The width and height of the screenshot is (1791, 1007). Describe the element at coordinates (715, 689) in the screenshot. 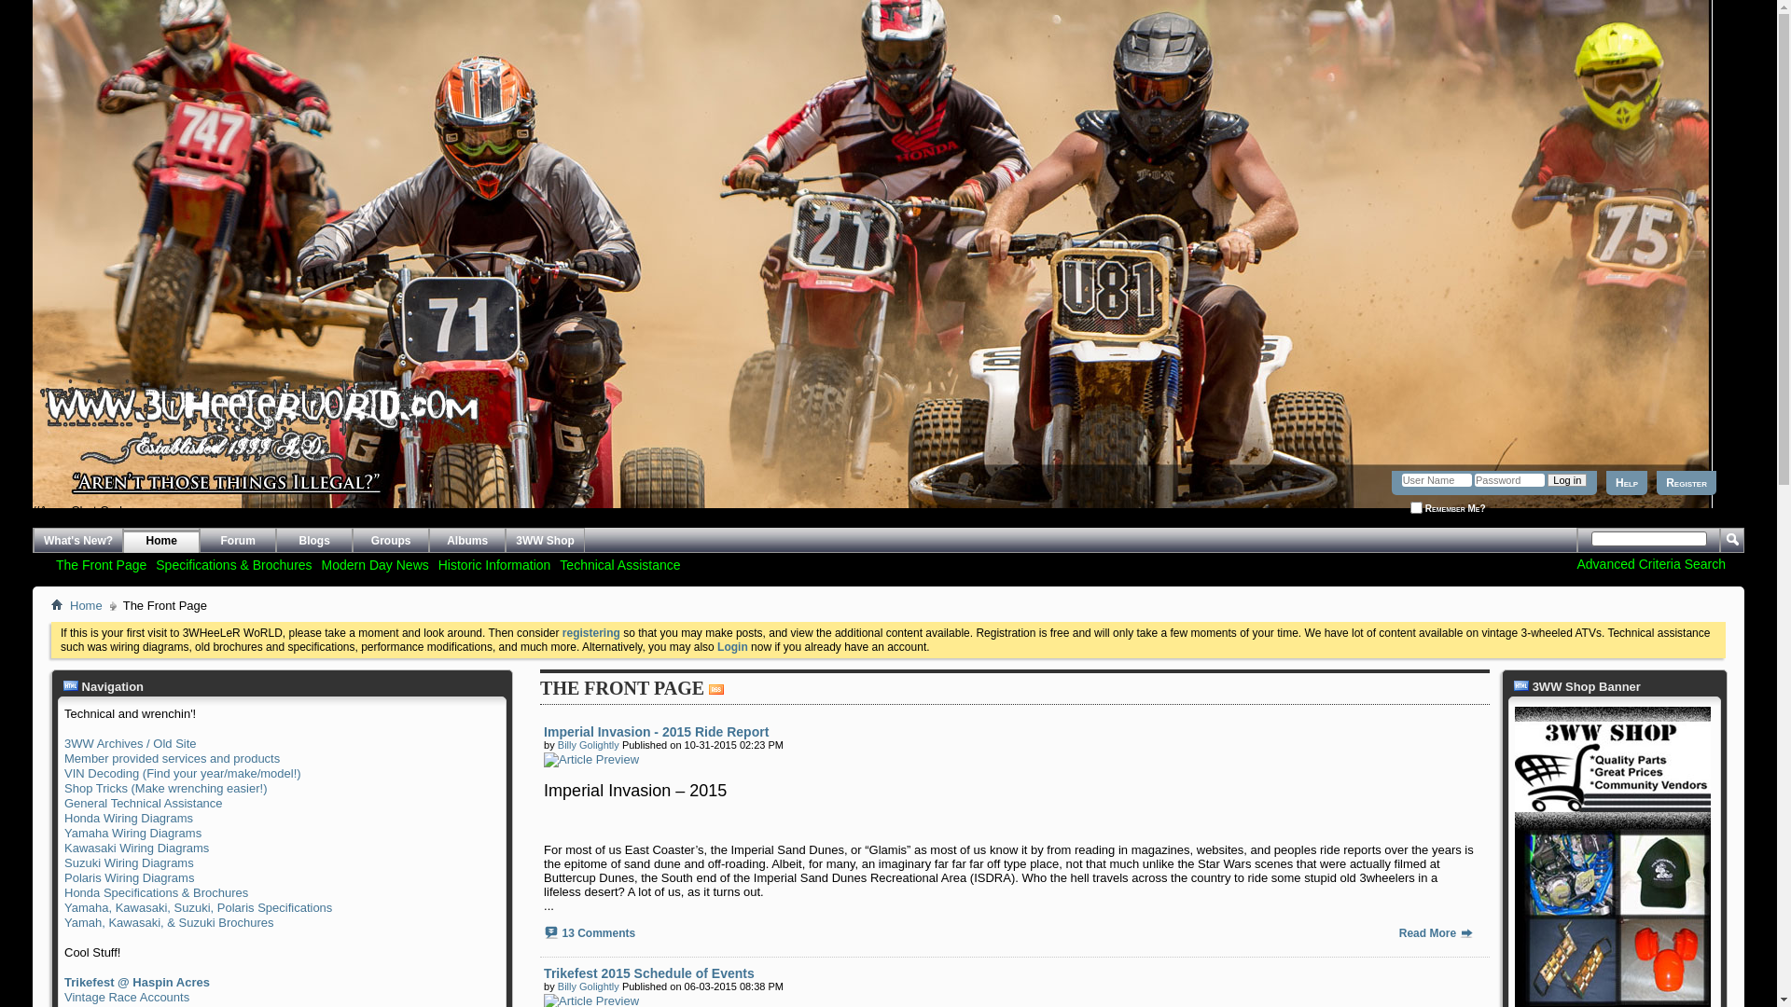

I see `'RSS Feed'` at that location.